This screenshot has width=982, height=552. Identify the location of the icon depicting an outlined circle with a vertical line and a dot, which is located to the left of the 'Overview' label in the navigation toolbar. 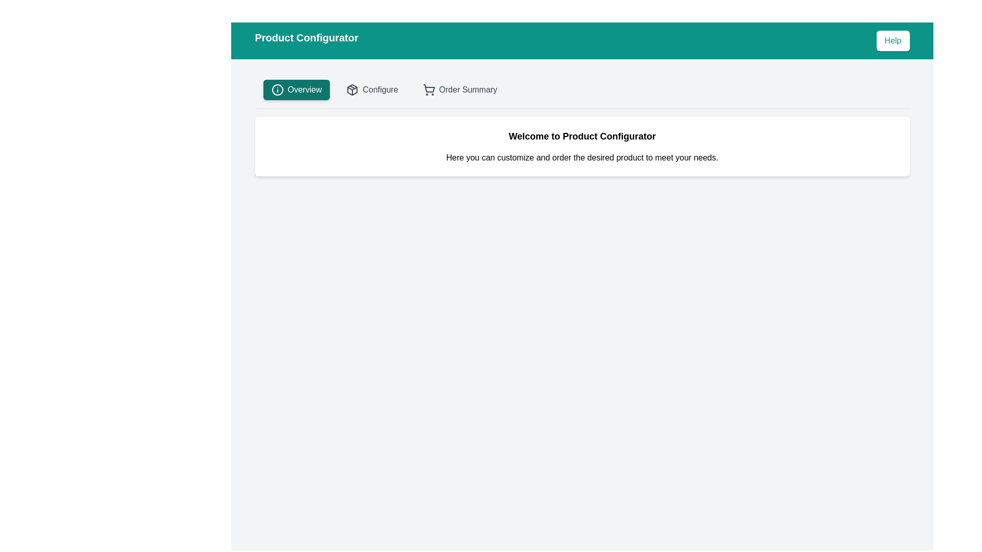
(277, 89).